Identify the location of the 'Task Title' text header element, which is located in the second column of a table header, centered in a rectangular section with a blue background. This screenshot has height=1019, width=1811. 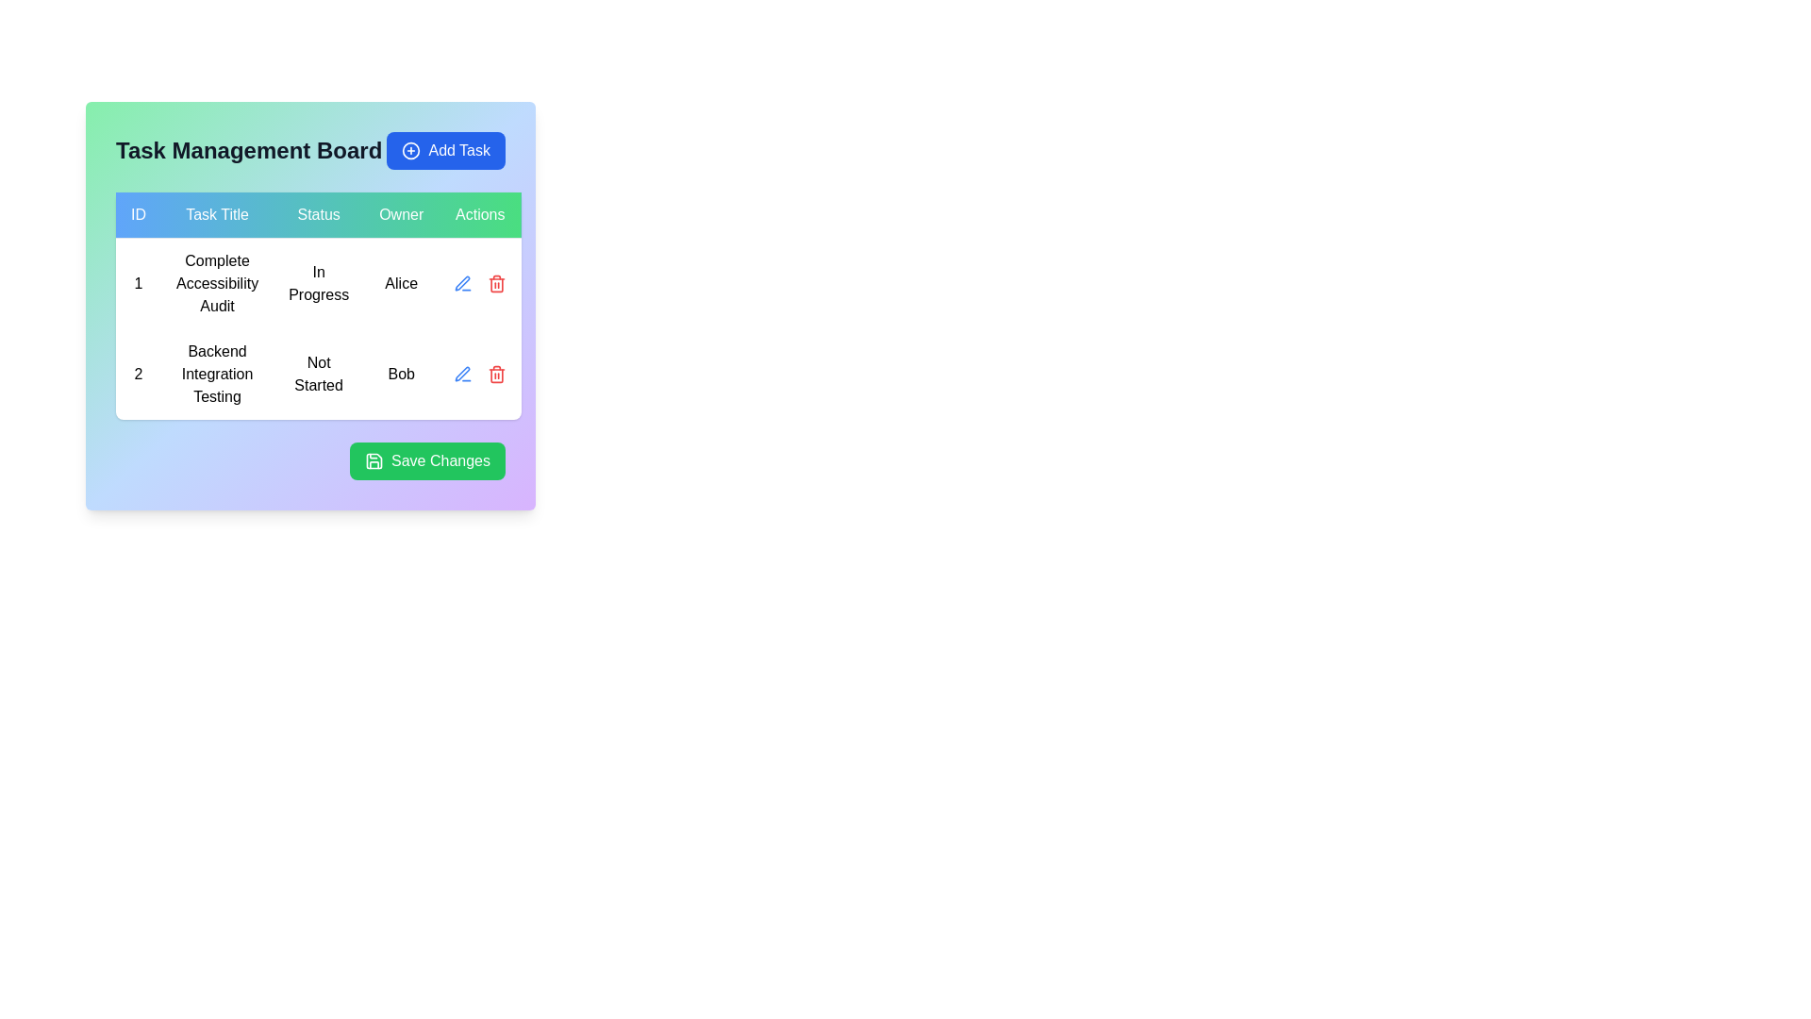
(217, 214).